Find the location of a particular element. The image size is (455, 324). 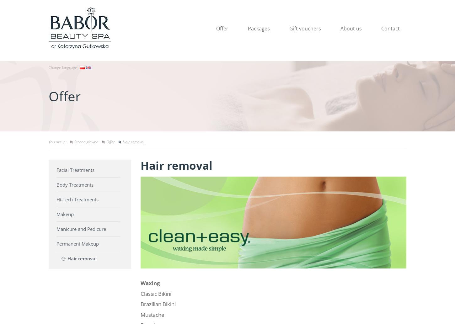

'Mustache' is located at coordinates (153, 314).